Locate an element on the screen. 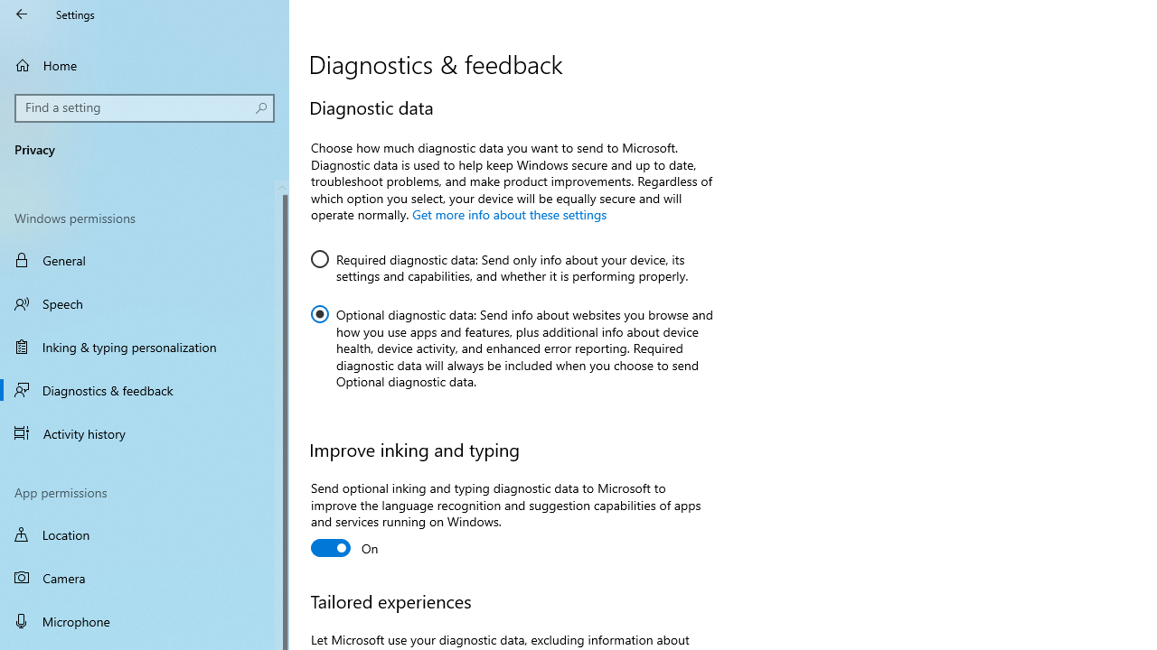  'Activity history' is located at coordinates (145, 432).